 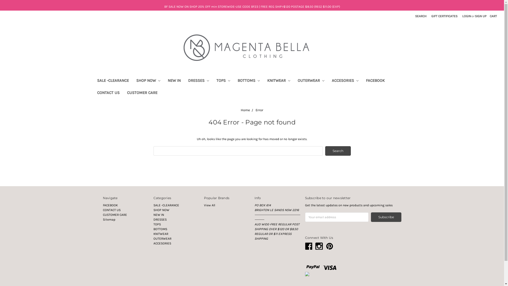 I want to click on 'TOPS', so click(x=157, y=224).